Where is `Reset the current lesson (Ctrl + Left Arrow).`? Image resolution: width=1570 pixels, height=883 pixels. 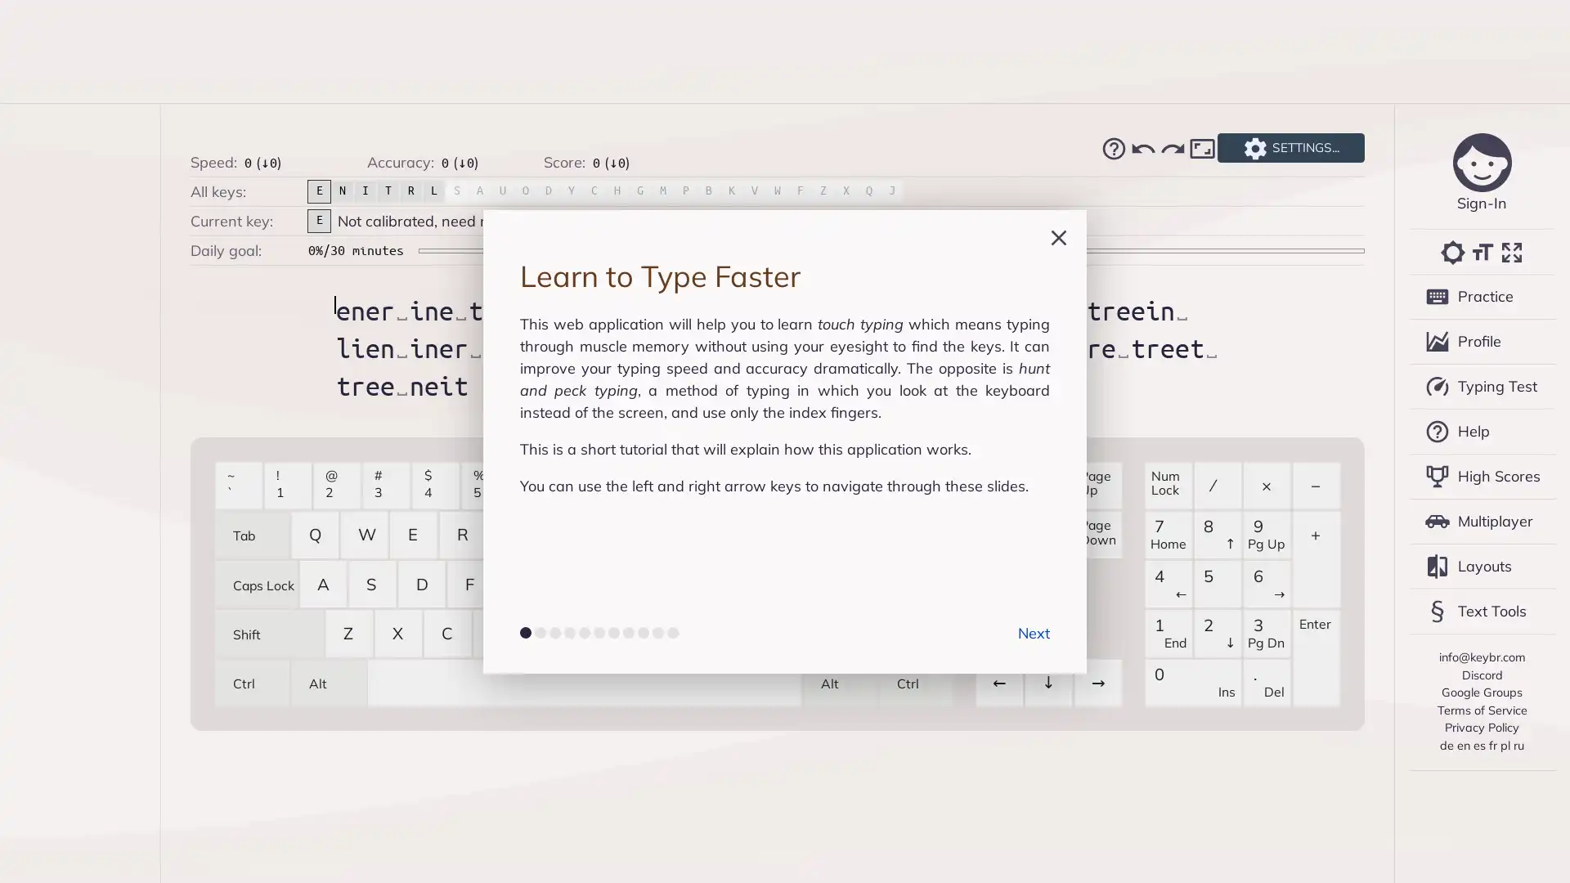 Reset the current lesson (Ctrl + Left Arrow). is located at coordinates (1142, 148).